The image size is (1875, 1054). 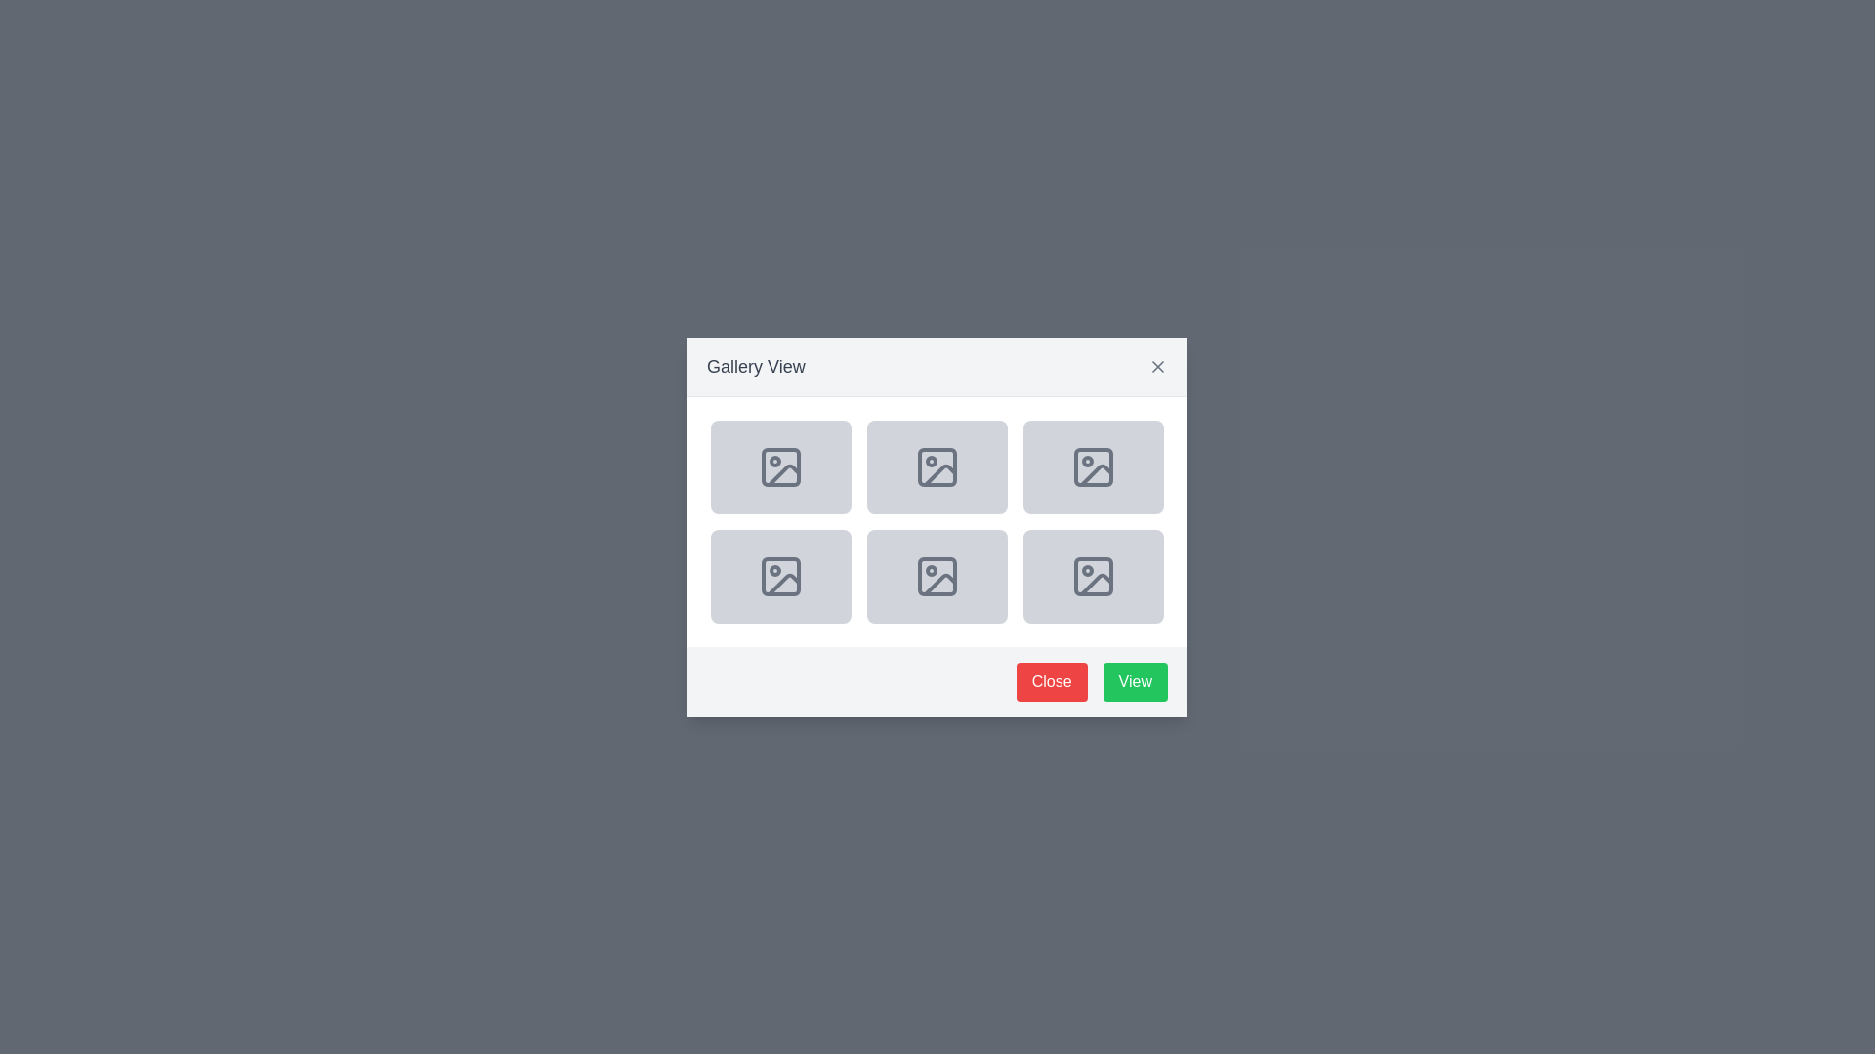 I want to click on the icon styled as an image placeholder with a rounded rectangle, a small circle symbolizing a sun or moon, and a diagonal line representing a mountain, located, so click(x=781, y=466).